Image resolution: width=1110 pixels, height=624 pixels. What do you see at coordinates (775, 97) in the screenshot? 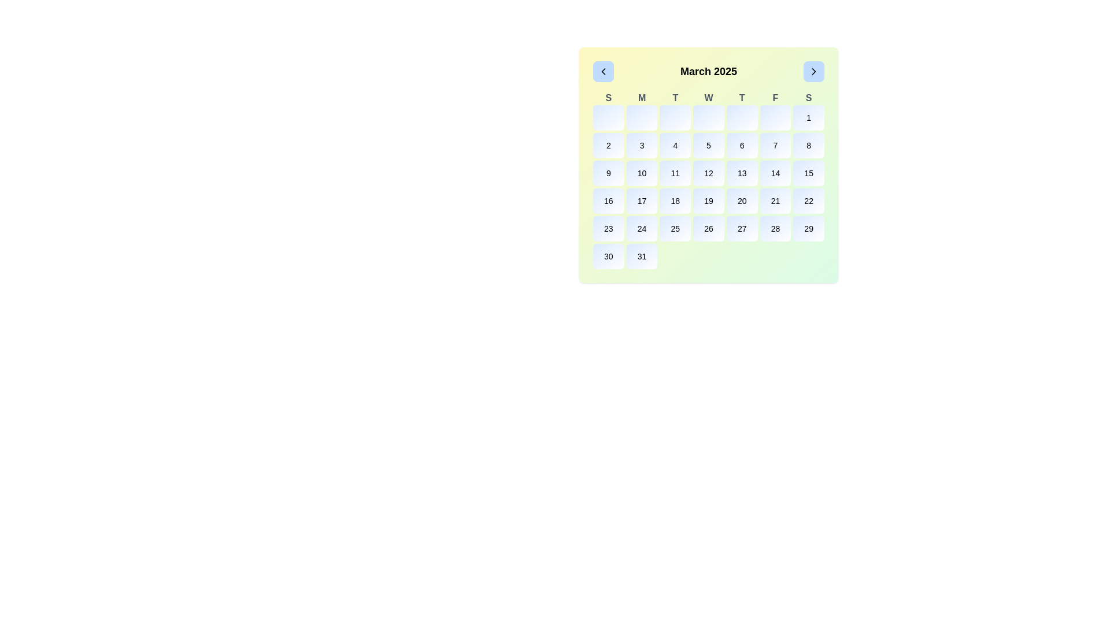
I see `the static text label 'F' in gray font, which represents Friday in the calendar header row, located in the sixth column of the layout` at bounding box center [775, 97].